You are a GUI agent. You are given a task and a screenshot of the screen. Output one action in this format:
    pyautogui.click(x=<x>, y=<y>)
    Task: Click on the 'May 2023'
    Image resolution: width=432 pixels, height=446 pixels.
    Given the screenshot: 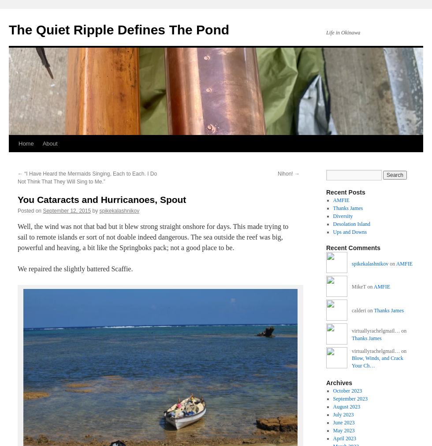 What is the action you would take?
    pyautogui.click(x=343, y=430)
    